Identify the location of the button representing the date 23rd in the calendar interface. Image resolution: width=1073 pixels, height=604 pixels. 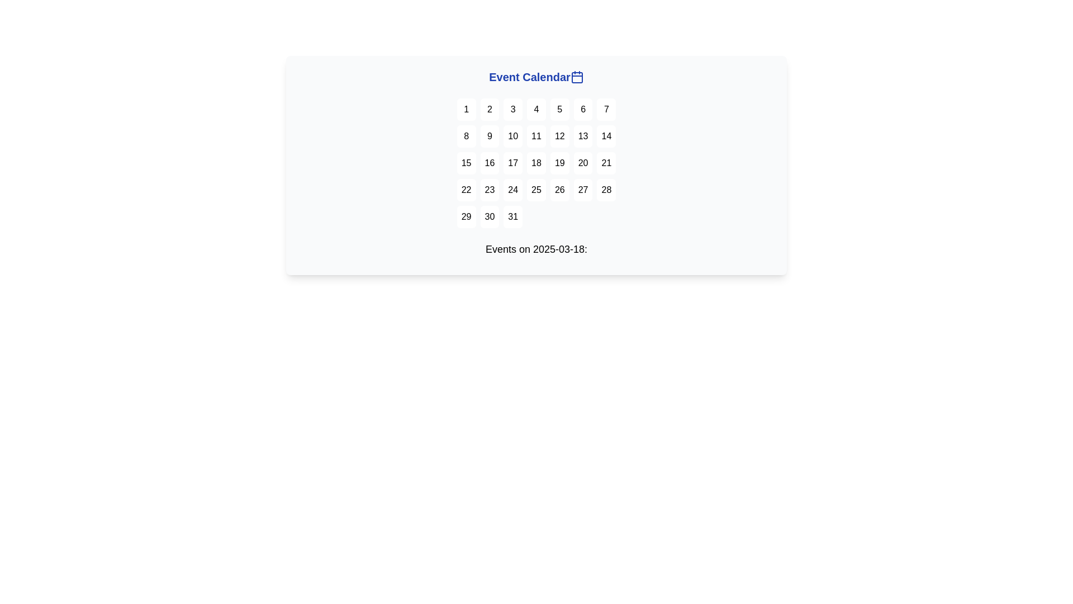
(490, 189).